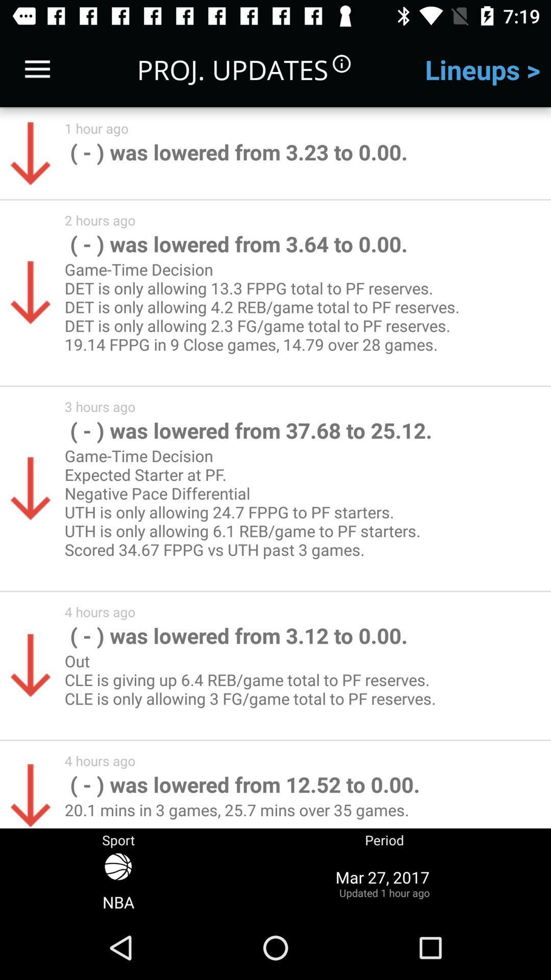 Image resolution: width=551 pixels, height=980 pixels. I want to click on the out cle is item, so click(254, 689).